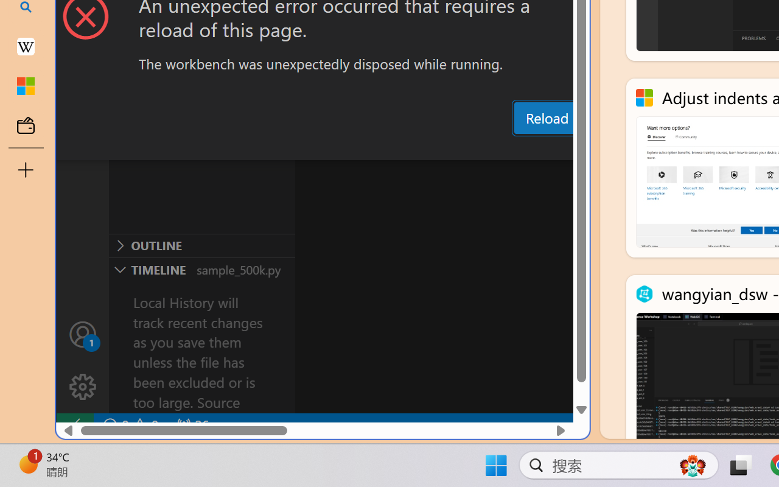 This screenshot has height=487, width=779. I want to click on 'Earth - Wikipedia', so click(26, 46).